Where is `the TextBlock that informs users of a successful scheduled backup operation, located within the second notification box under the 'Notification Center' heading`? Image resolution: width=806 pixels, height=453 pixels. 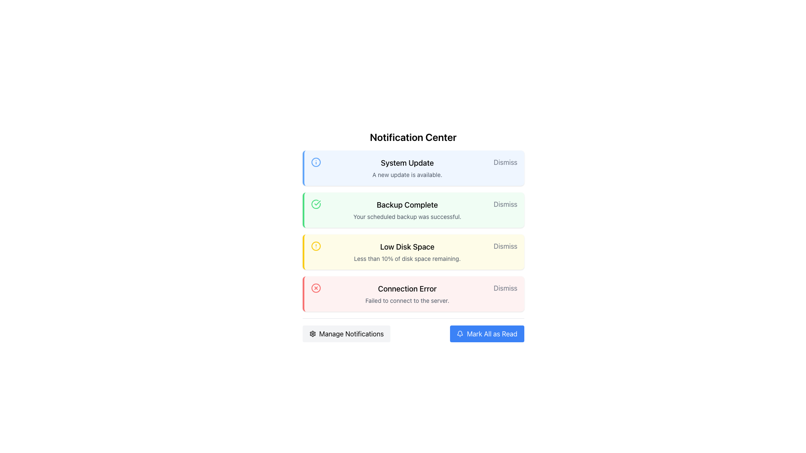
the TextBlock that informs users of a successful scheduled backup operation, located within the second notification box under the 'Notification Center' heading is located at coordinates (407, 210).